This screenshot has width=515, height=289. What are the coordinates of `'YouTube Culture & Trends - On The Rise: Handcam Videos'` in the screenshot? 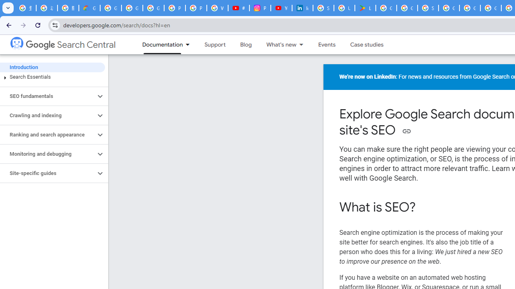 It's located at (281, 8).